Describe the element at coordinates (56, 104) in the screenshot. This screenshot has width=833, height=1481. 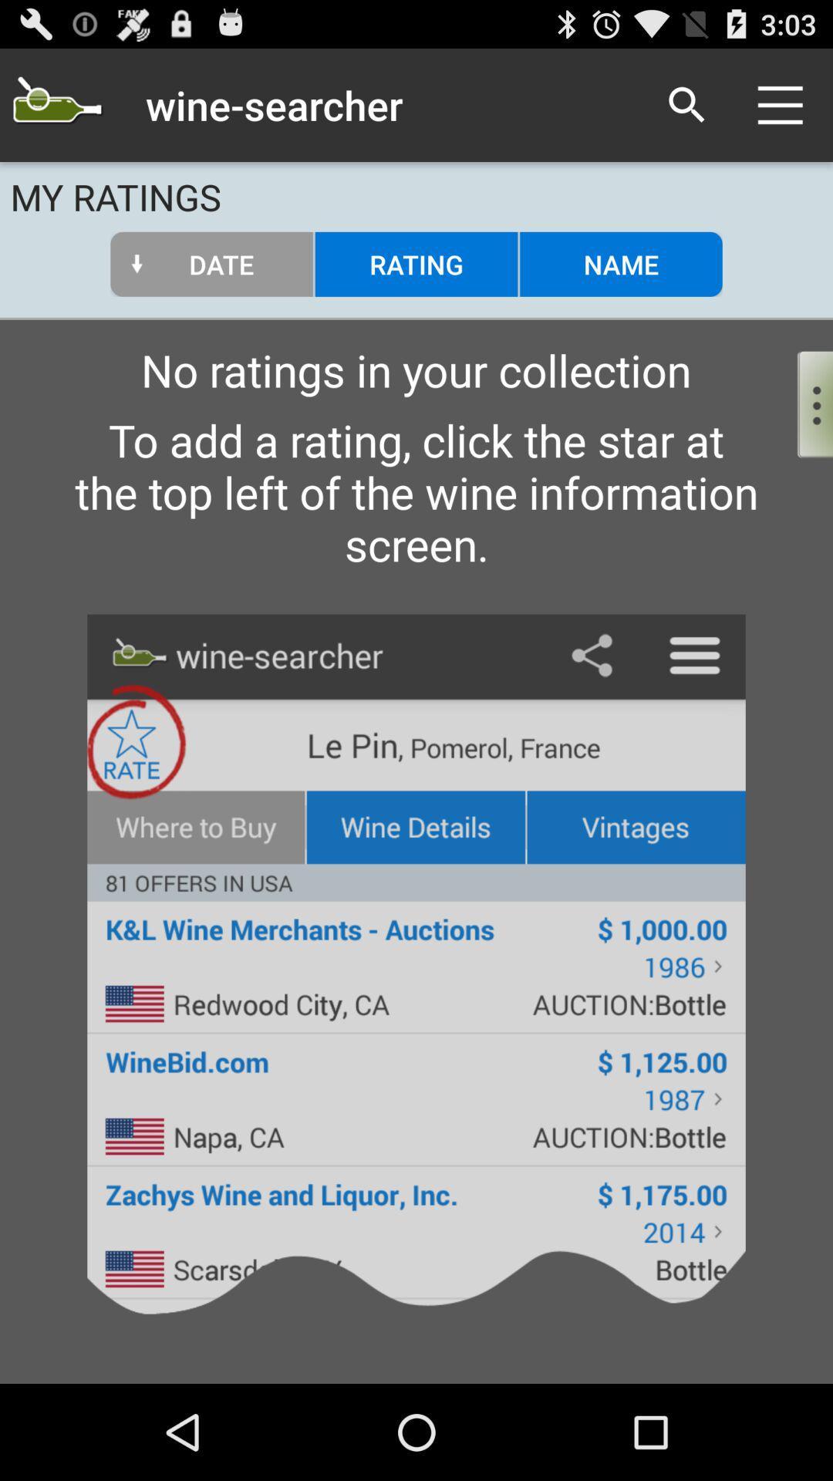
I see `home page` at that location.